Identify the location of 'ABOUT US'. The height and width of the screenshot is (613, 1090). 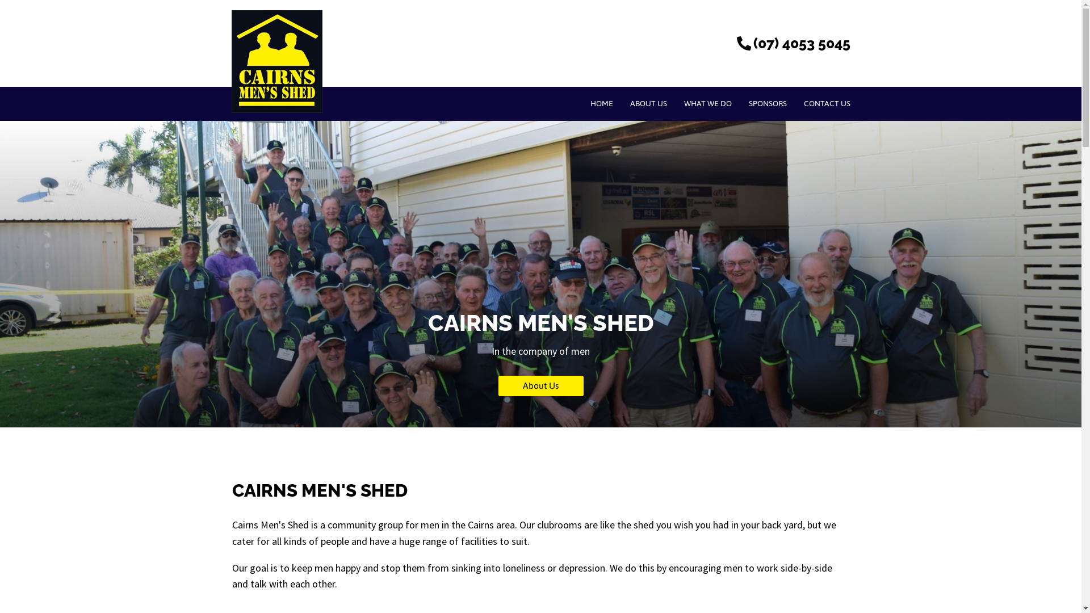
(648, 103).